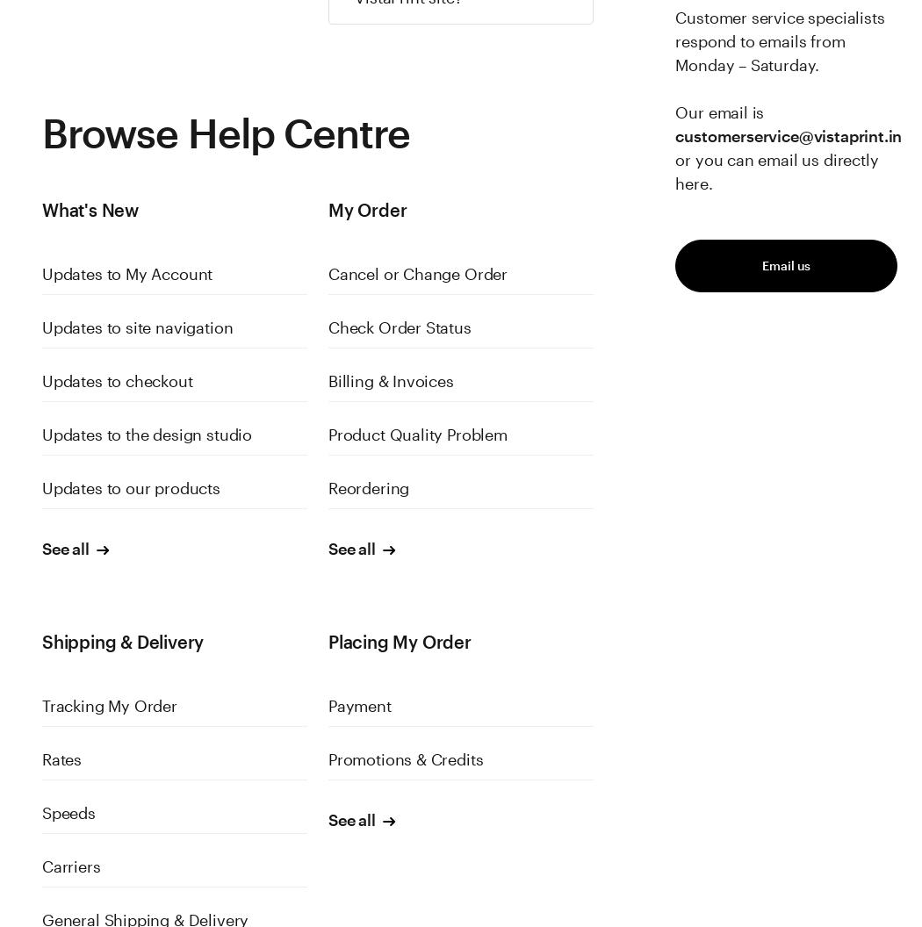 This screenshot has width=922, height=927. Describe the element at coordinates (417, 434) in the screenshot. I see `'Product Quality Problem'` at that location.